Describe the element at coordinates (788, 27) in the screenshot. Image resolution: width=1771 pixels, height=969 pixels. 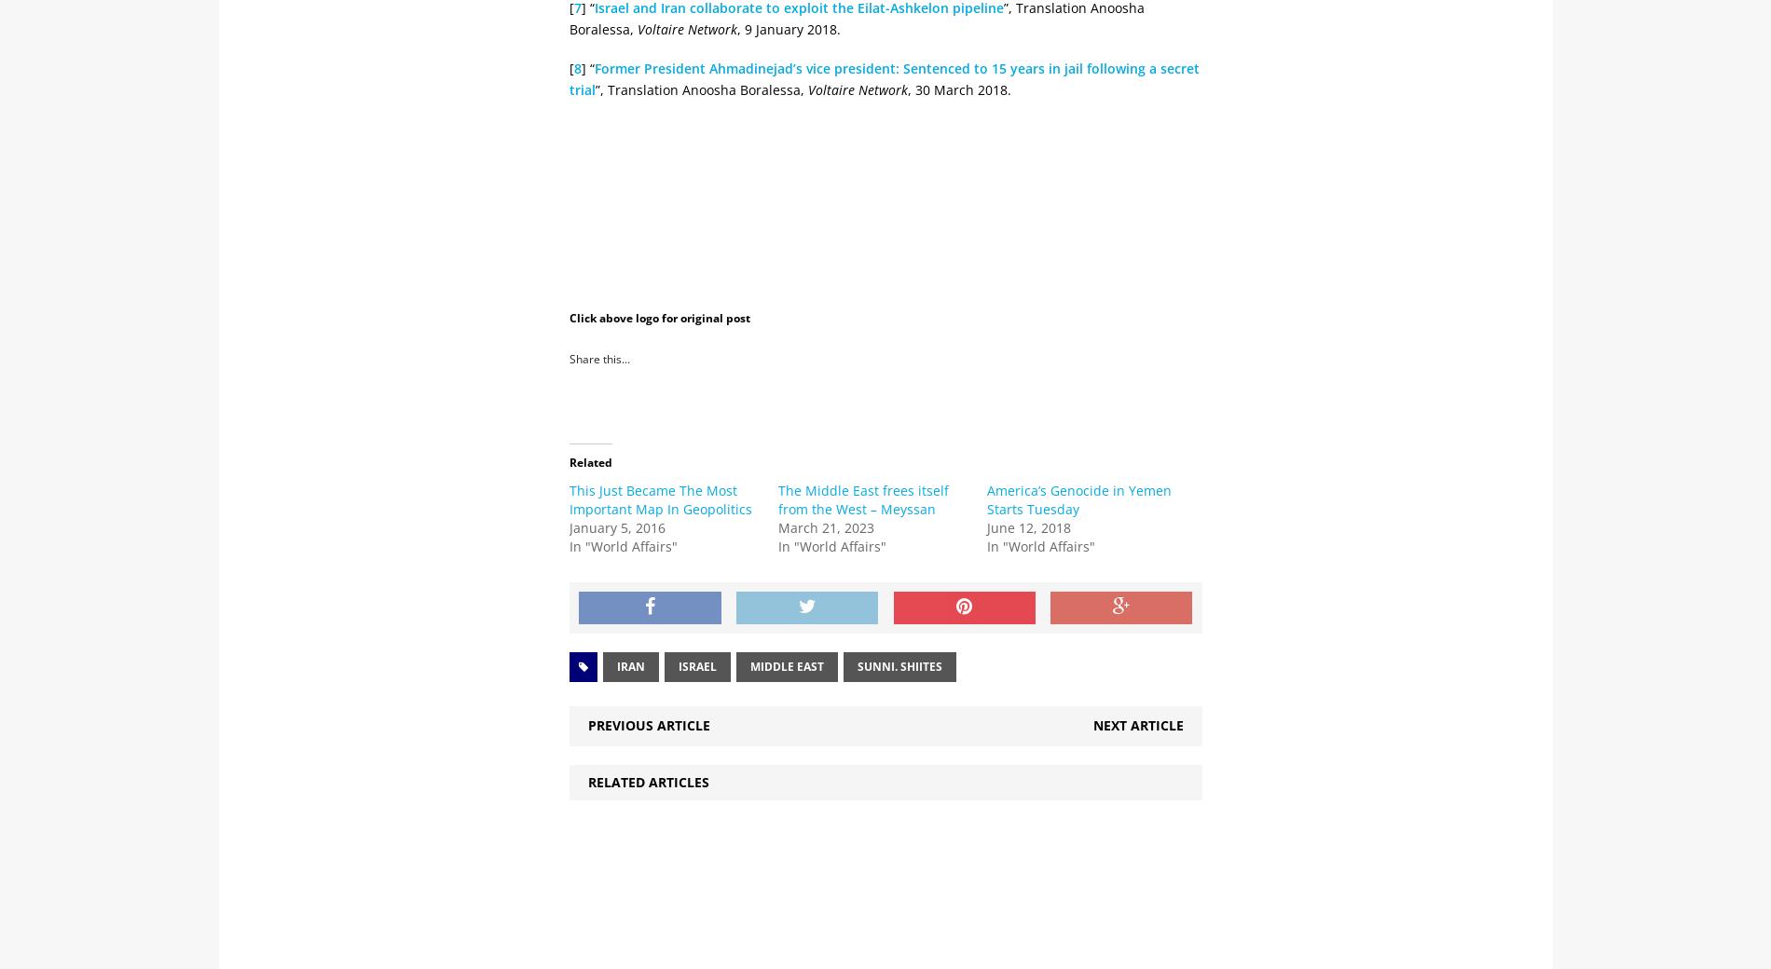
I see `', 9 January 2018.'` at that location.